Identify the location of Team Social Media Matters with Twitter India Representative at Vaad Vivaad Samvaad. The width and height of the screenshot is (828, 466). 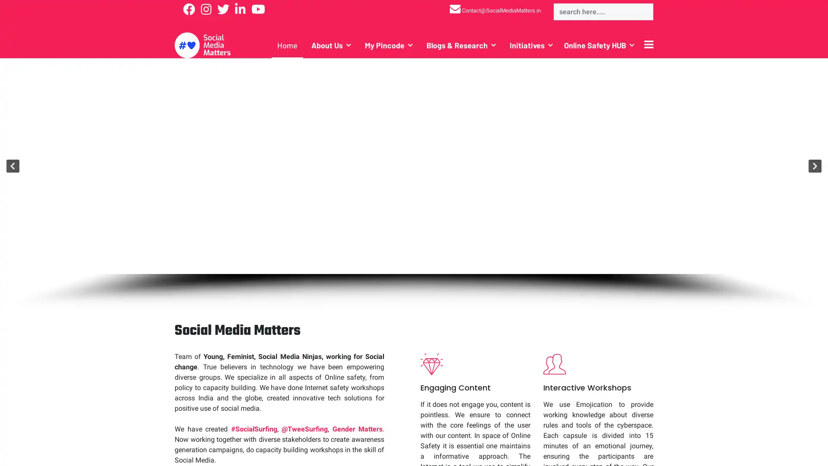
(464, 265).